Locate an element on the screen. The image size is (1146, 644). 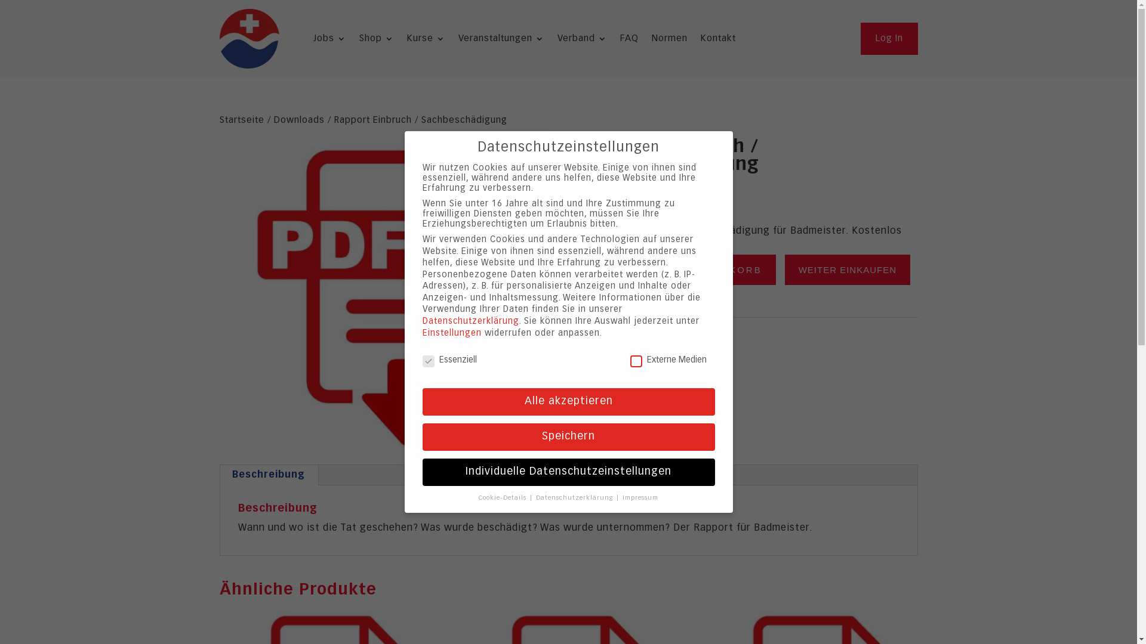
'Einstellungen' is located at coordinates (423, 333).